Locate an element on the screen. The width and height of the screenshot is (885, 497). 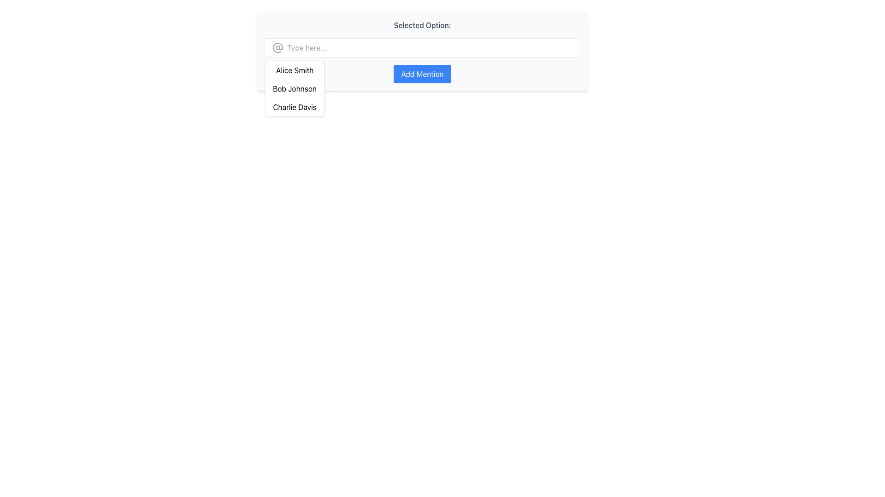
the rectangular button with rounded corners that has a blue background and white text saying 'Add Mention' is located at coordinates (422, 74).